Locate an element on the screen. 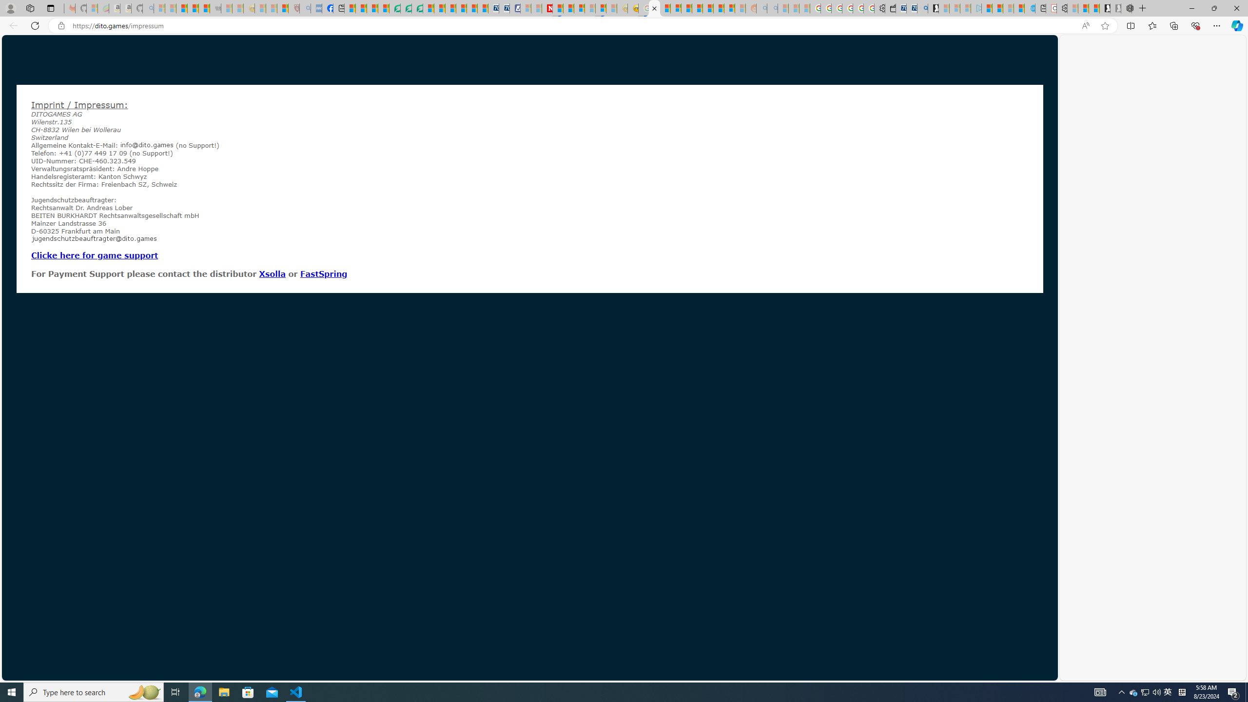  'LendingTree - Compare Lenders' is located at coordinates (395, 8).